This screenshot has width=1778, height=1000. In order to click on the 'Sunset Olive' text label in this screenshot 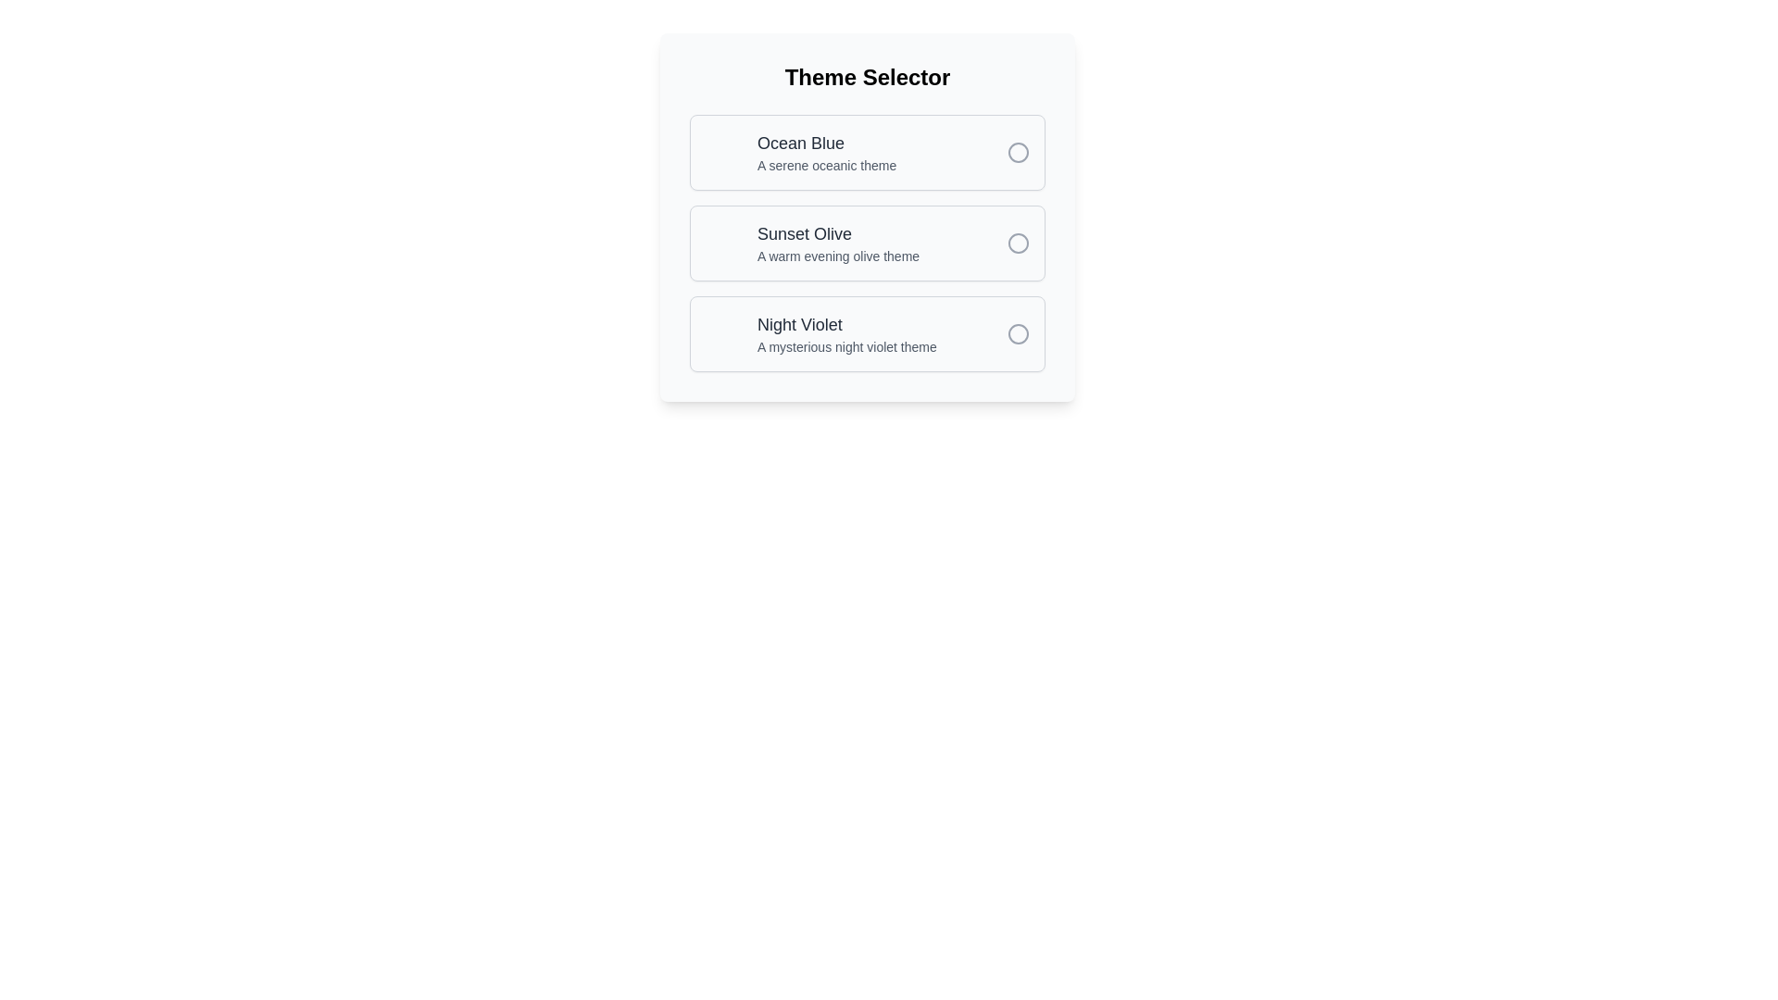, I will do `click(837, 233)`.